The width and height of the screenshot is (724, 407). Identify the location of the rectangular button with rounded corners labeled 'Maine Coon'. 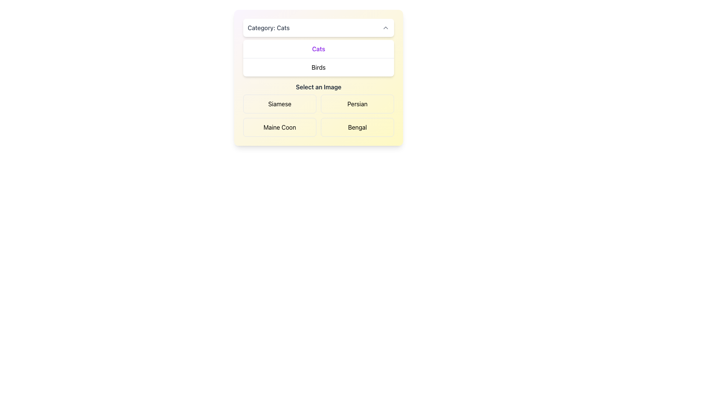
(279, 127).